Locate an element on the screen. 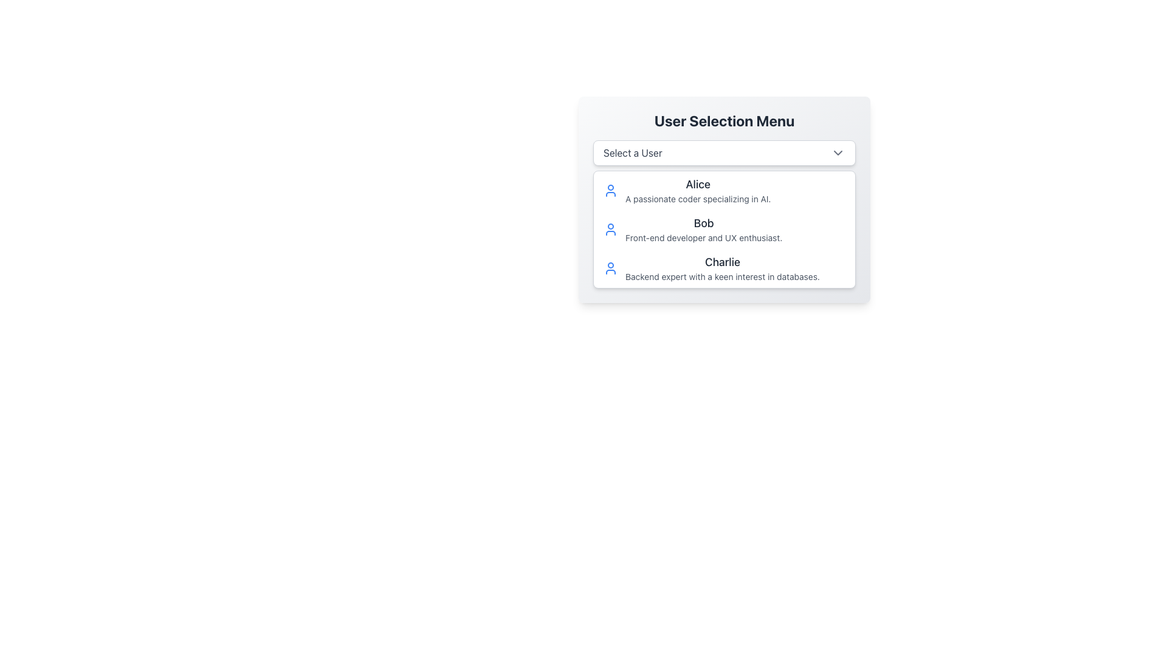  the user icon for 'Alice' located to the left of her name in the user selection menu, which is the first entry in the vertical list is located at coordinates (610, 190).